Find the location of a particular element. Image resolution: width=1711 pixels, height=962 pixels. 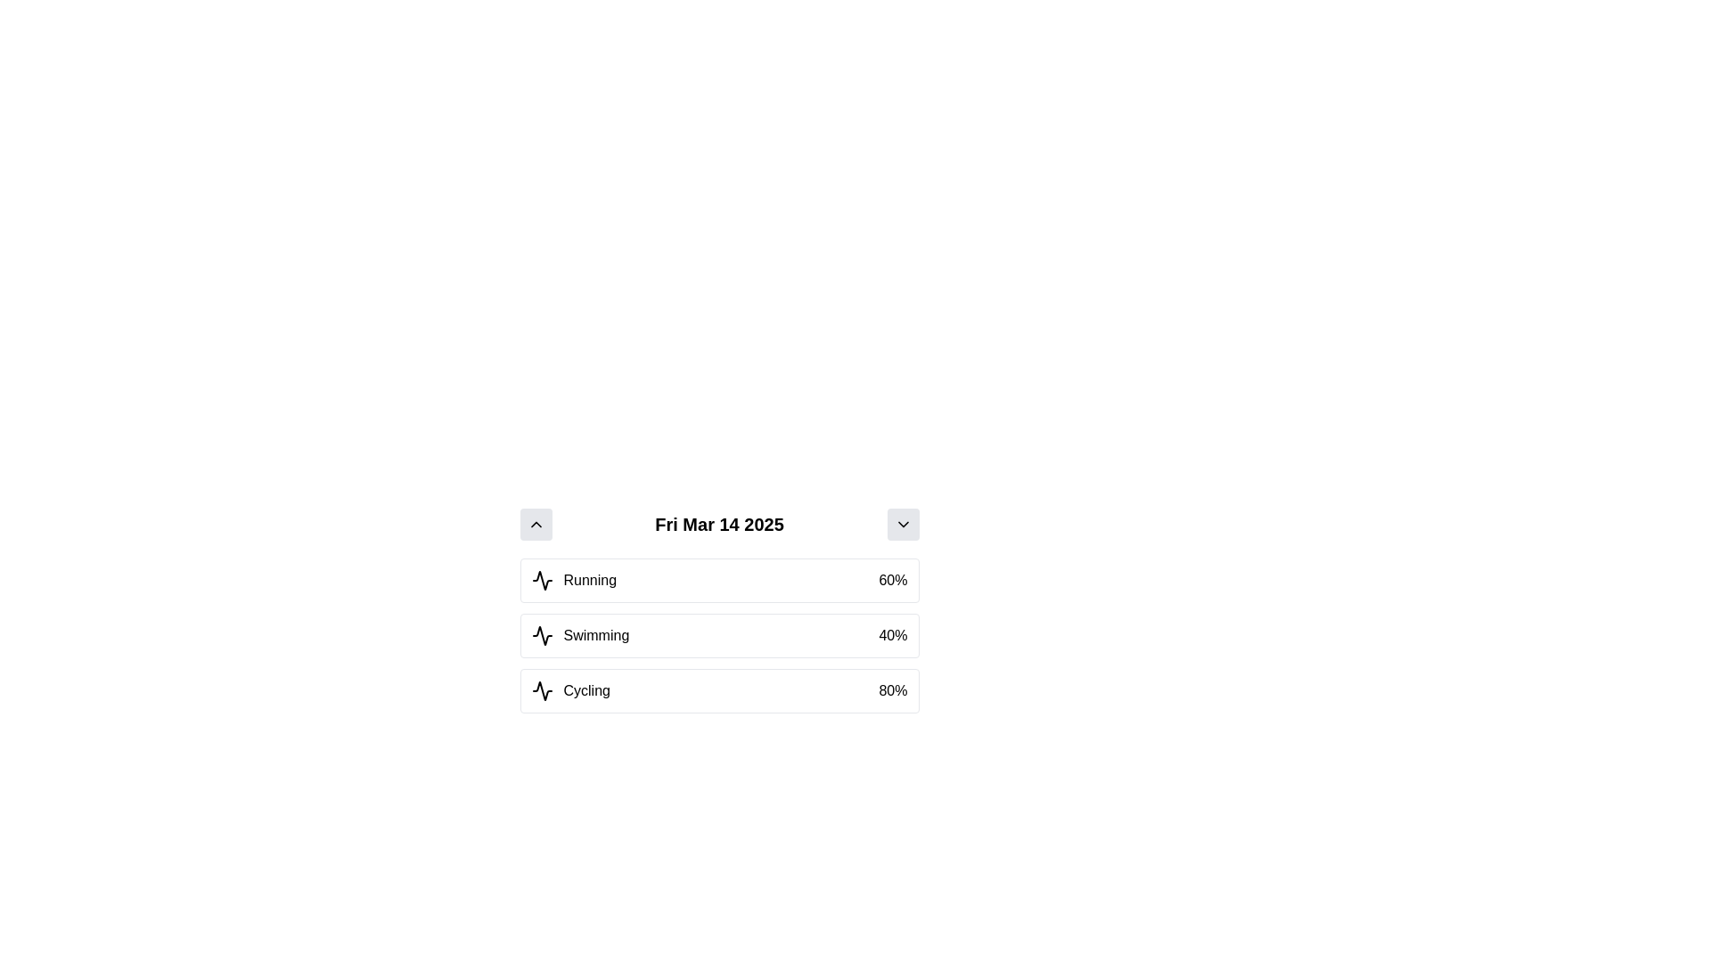

the rectangular button with rounded corners and a light gray background that contains a downward-pointing chevron icon, located in the top-right corner of the section displaying 'Fri Mar 14 2025' is located at coordinates (903, 524).